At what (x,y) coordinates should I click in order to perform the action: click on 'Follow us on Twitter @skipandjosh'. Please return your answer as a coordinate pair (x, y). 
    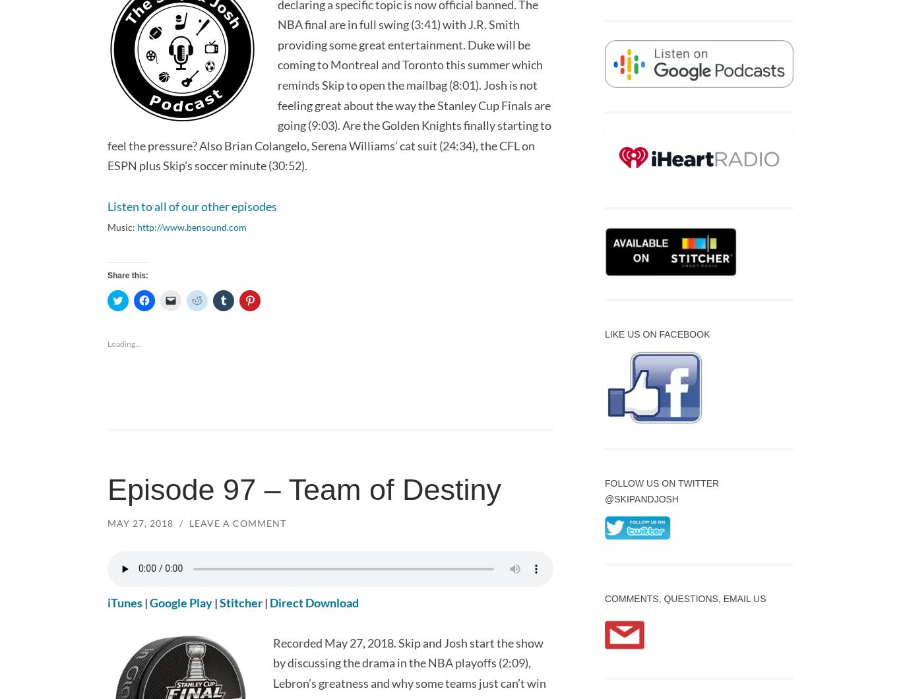
    Looking at the image, I should click on (662, 490).